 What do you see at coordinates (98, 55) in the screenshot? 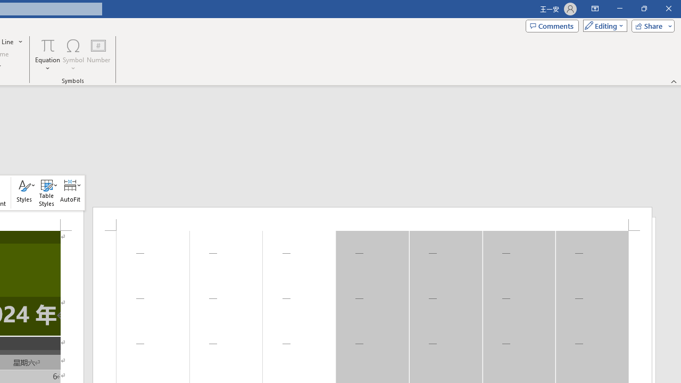
I see `'Number...'` at bounding box center [98, 55].